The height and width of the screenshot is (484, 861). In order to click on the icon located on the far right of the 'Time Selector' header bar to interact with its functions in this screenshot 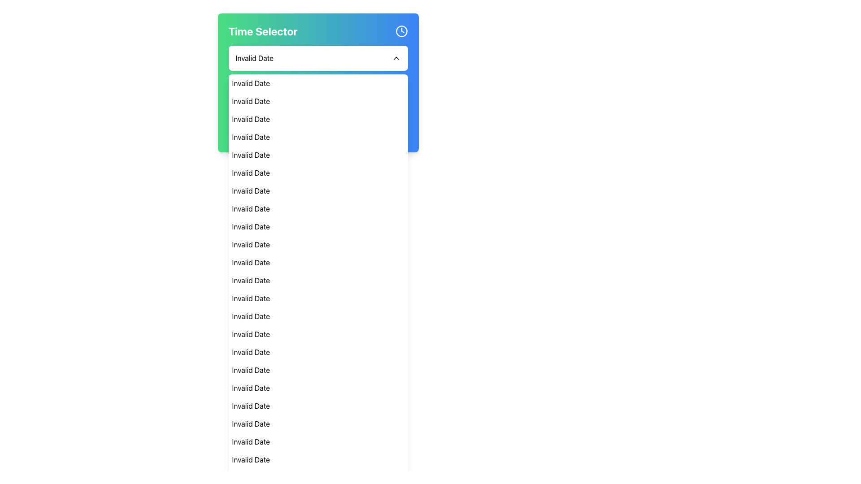, I will do `click(401, 30)`.